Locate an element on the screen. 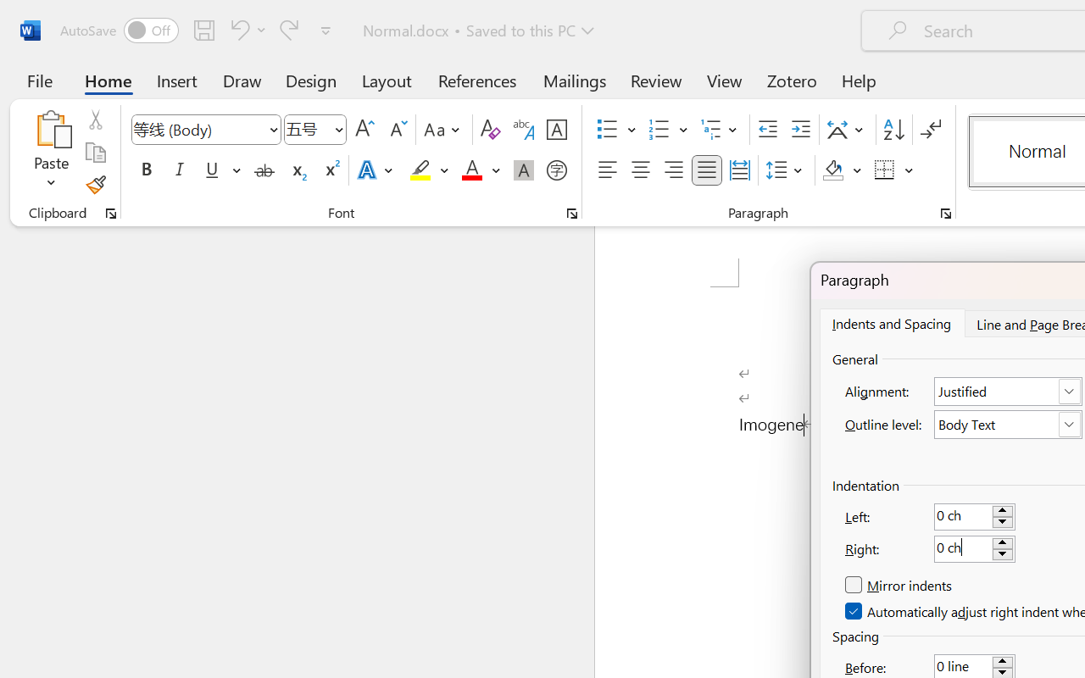 Image resolution: width=1085 pixels, height=678 pixels. 'Decrease Indent' is located at coordinates (767, 130).